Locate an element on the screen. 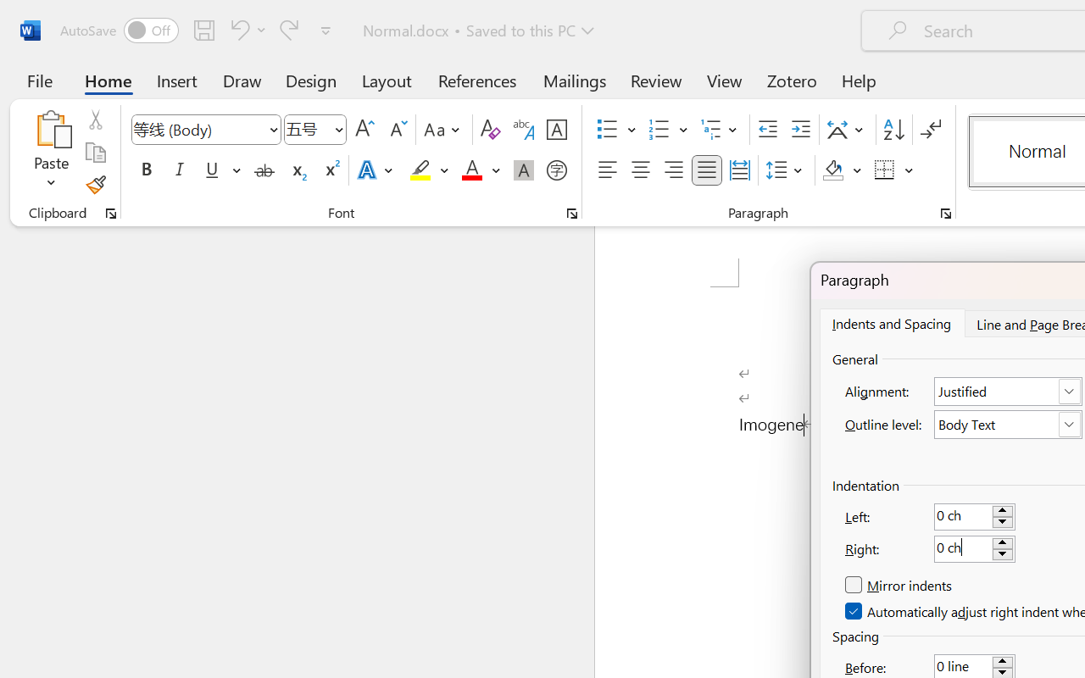 Image resolution: width=1085 pixels, height=678 pixels. 'Decrease Indent' is located at coordinates (767, 130).